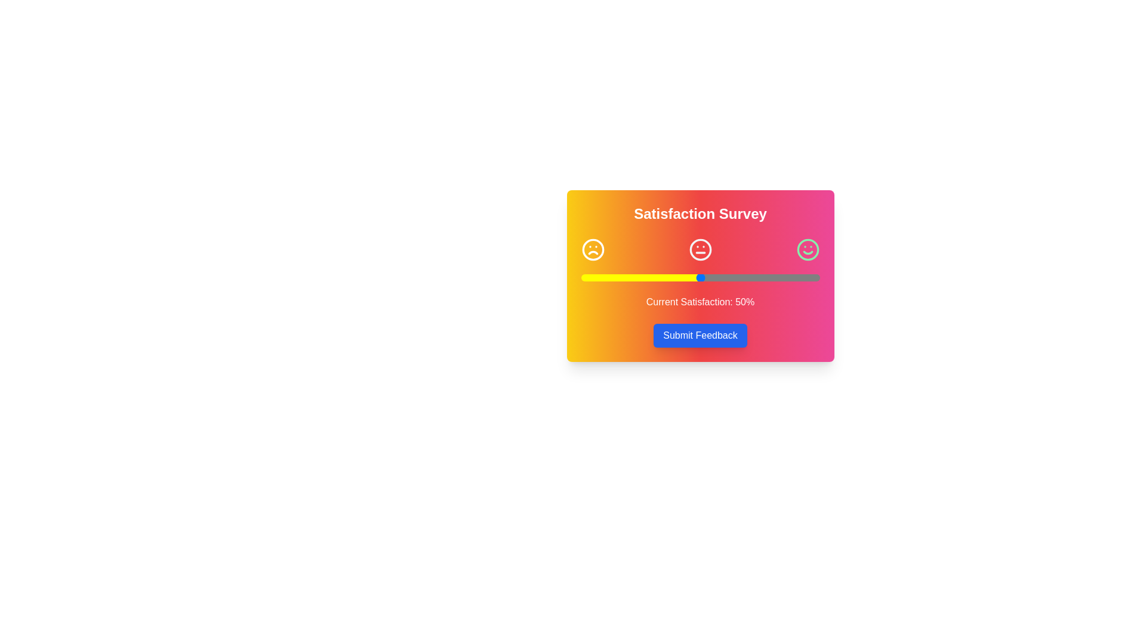 The height and width of the screenshot is (644, 1146). Describe the element at coordinates (752, 278) in the screenshot. I see `the slider to 72% satisfaction` at that location.